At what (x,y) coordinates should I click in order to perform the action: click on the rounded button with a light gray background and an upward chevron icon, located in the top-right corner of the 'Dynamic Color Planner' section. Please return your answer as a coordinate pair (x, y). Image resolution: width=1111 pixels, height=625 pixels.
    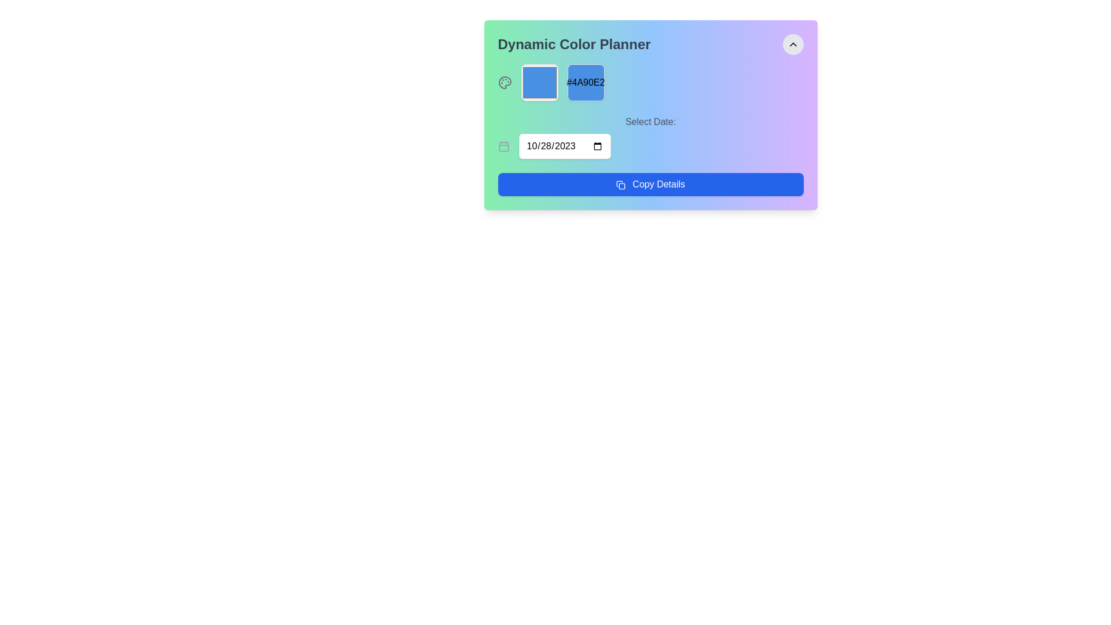
    Looking at the image, I should click on (792, 44).